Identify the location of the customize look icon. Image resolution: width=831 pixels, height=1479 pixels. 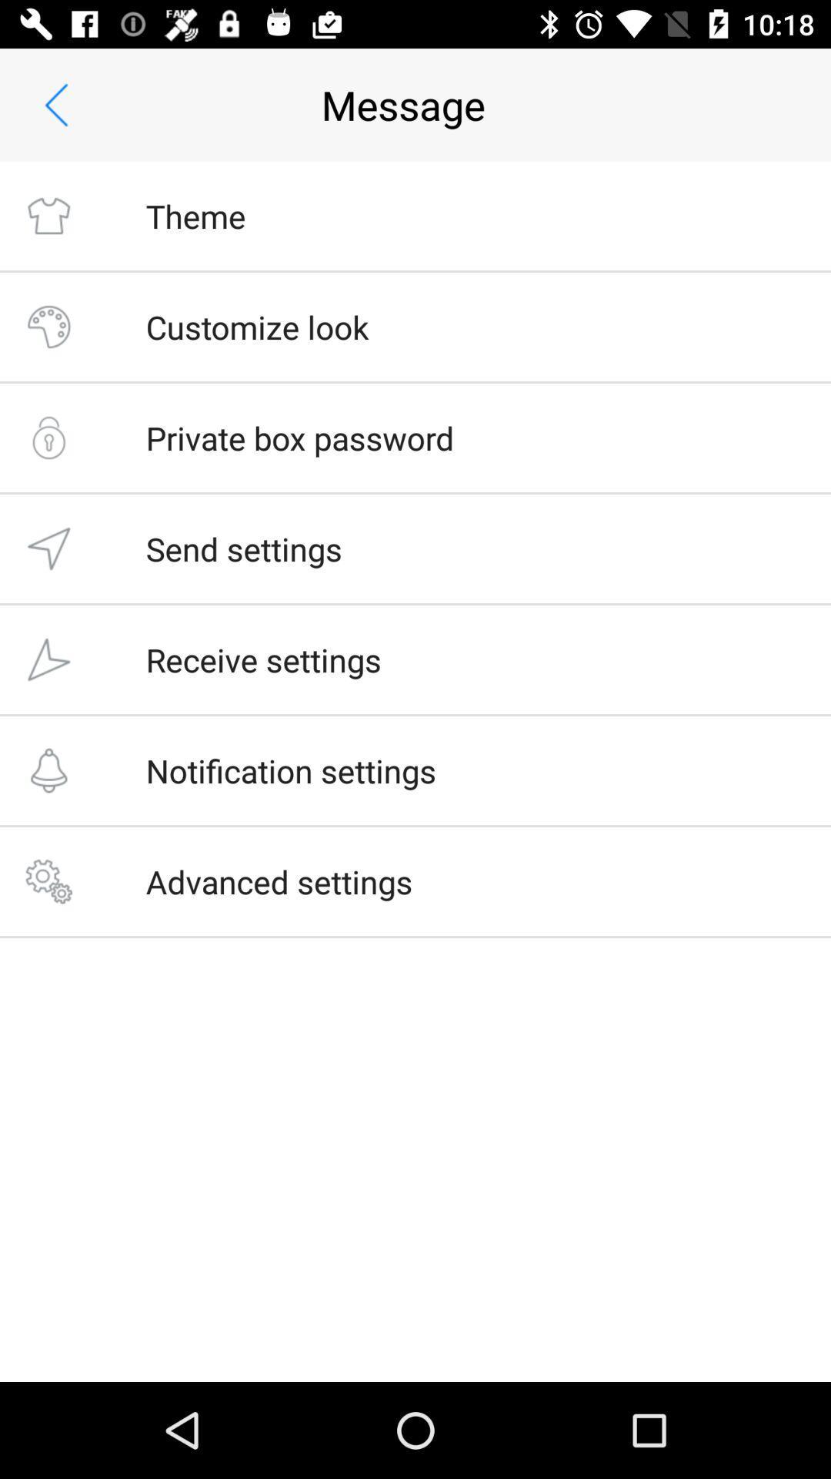
(256, 326).